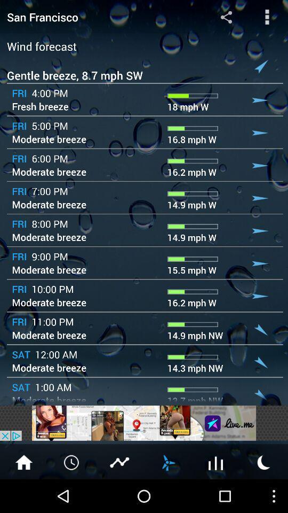 The image size is (288, 513). I want to click on more, so click(216, 461).